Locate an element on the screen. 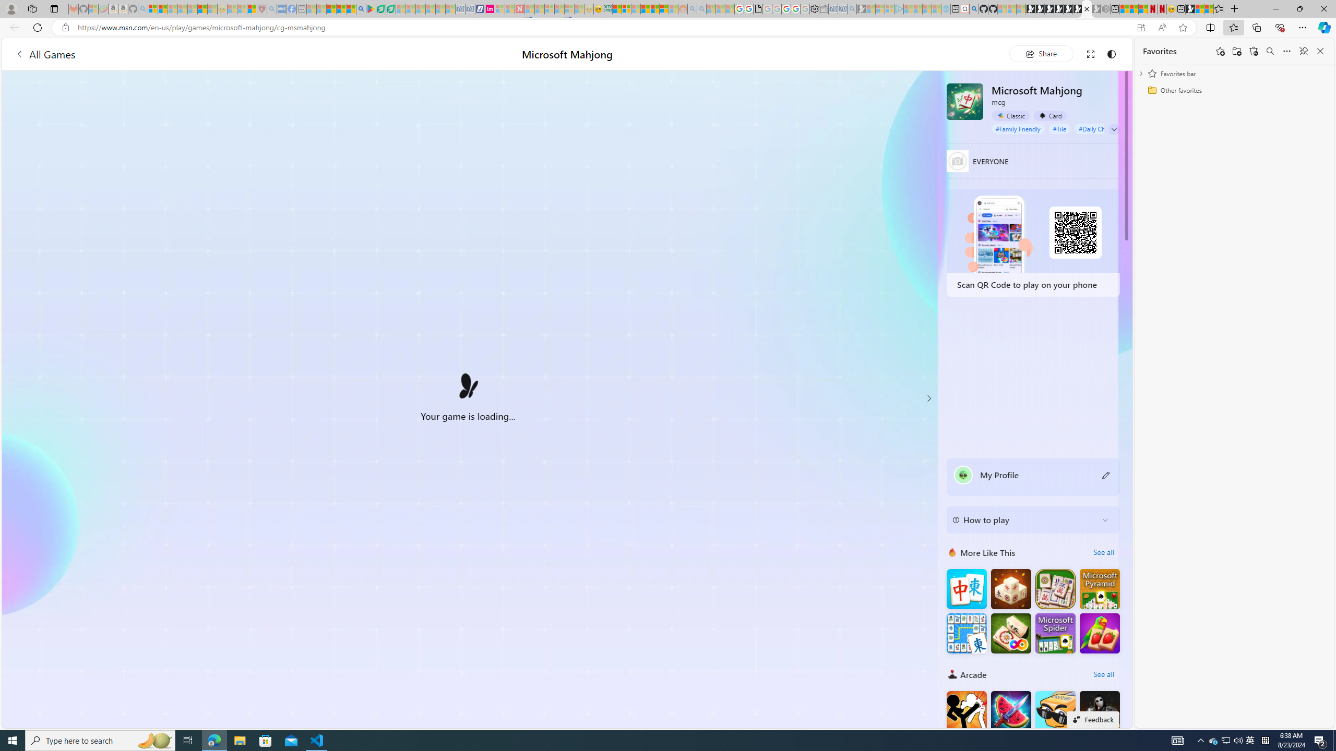  'Close favorites' is located at coordinates (1320, 50).